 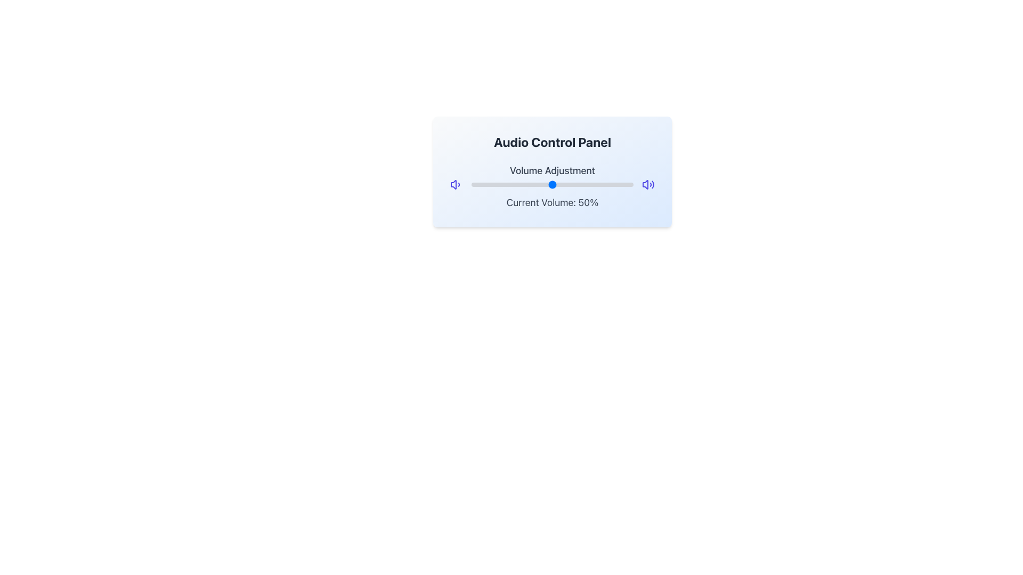 What do you see at coordinates (617, 184) in the screenshot?
I see `the slider` at bounding box center [617, 184].